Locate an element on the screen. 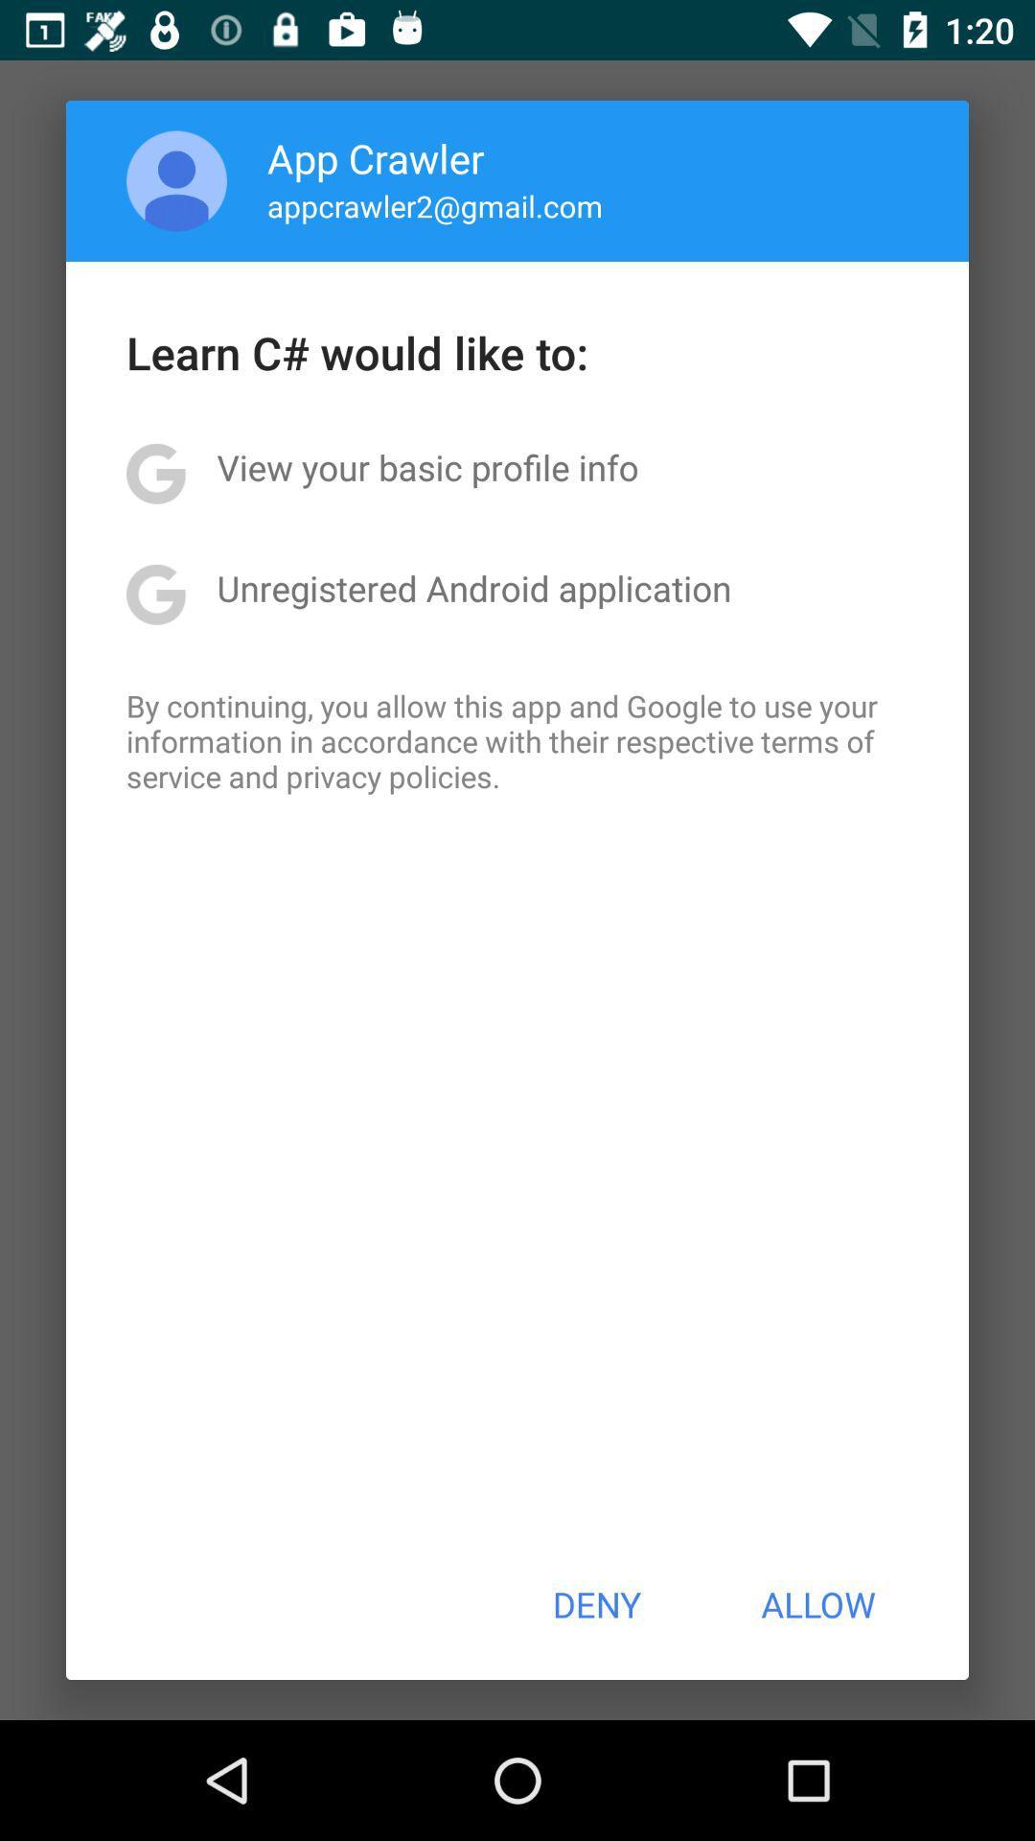 This screenshot has height=1841, width=1035. icon below the app crawler app is located at coordinates (435, 205).